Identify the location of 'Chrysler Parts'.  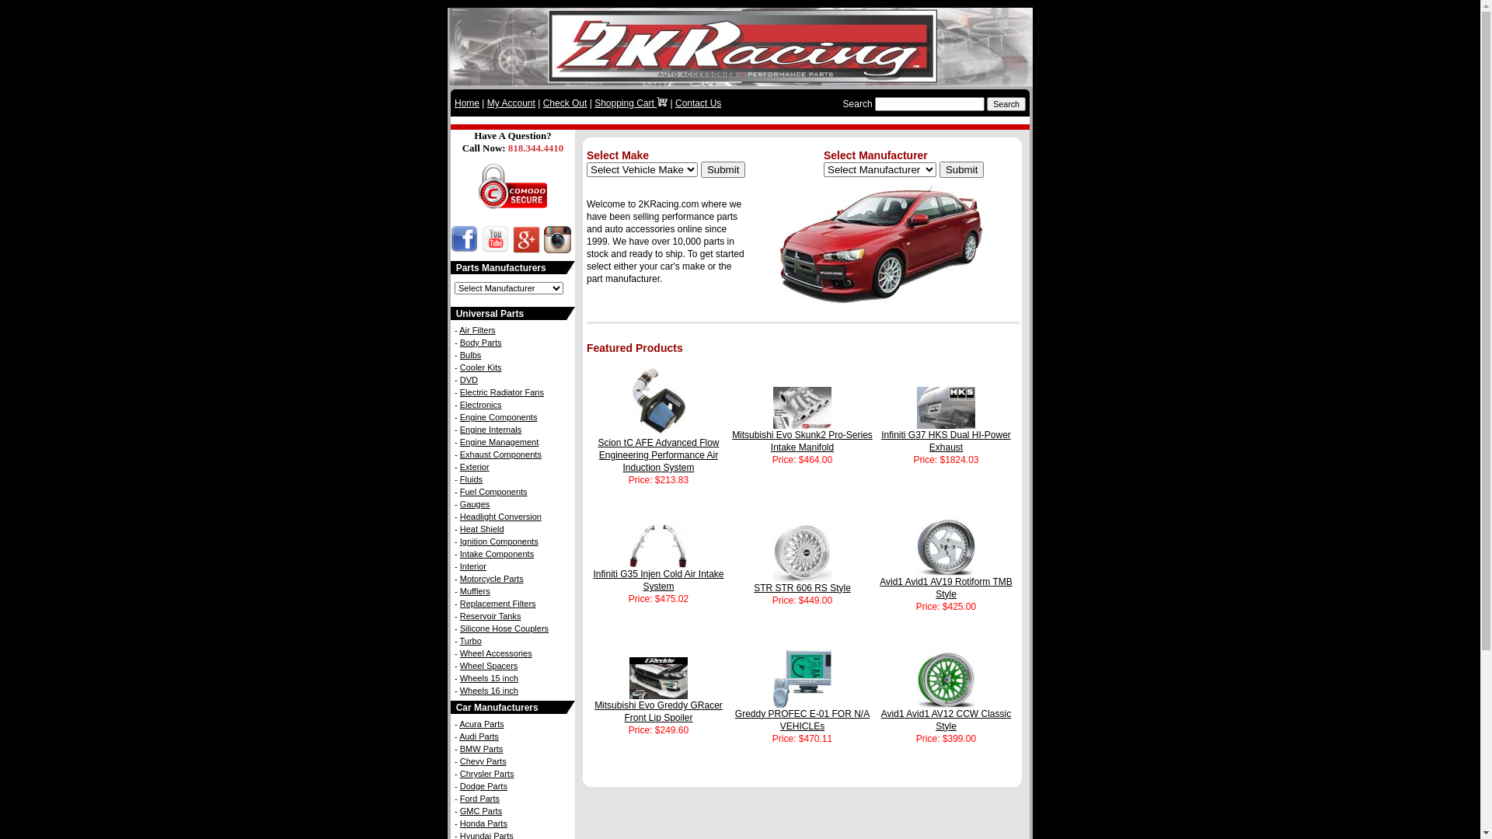
(486, 773).